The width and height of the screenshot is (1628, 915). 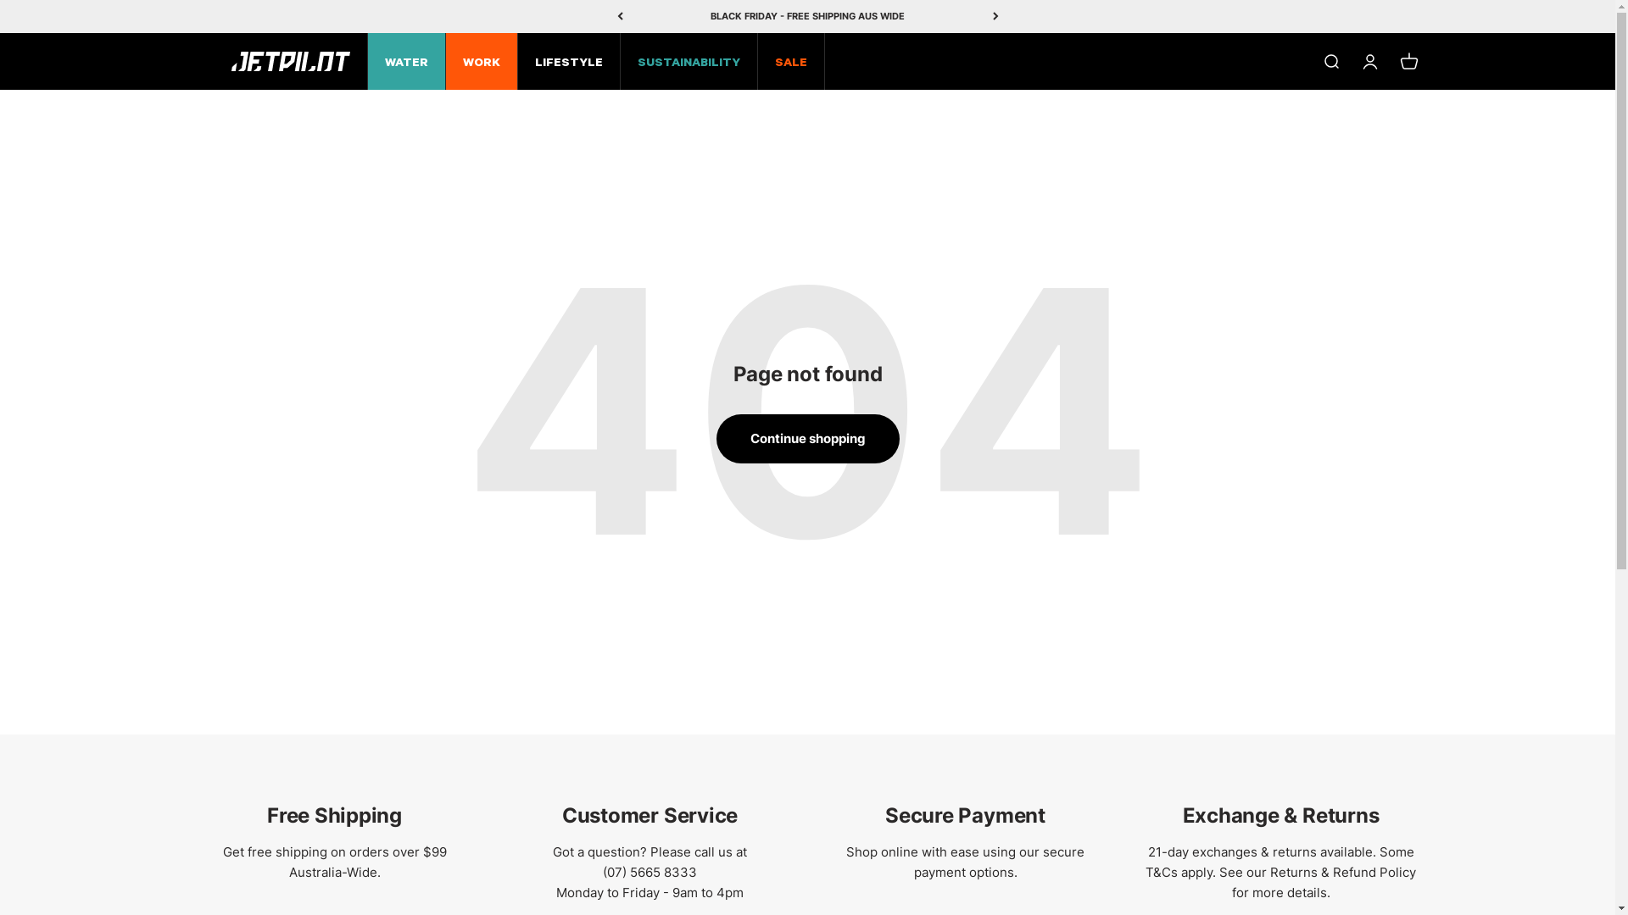 What do you see at coordinates (1408, 60) in the screenshot?
I see `'Open cart` at bounding box center [1408, 60].